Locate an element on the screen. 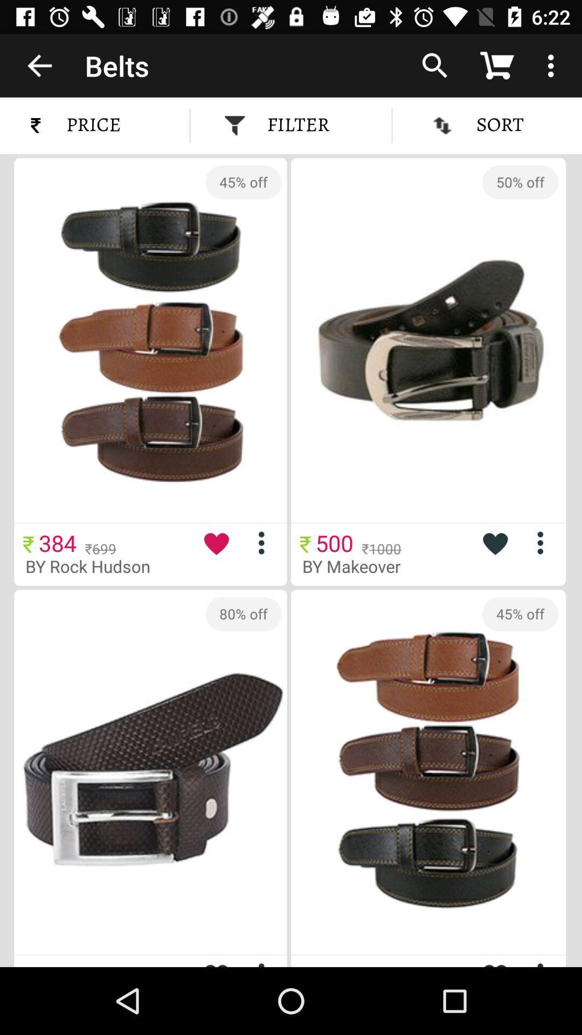 The height and width of the screenshot is (1035, 582). get additional options for the product is located at coordinates (544, 543).